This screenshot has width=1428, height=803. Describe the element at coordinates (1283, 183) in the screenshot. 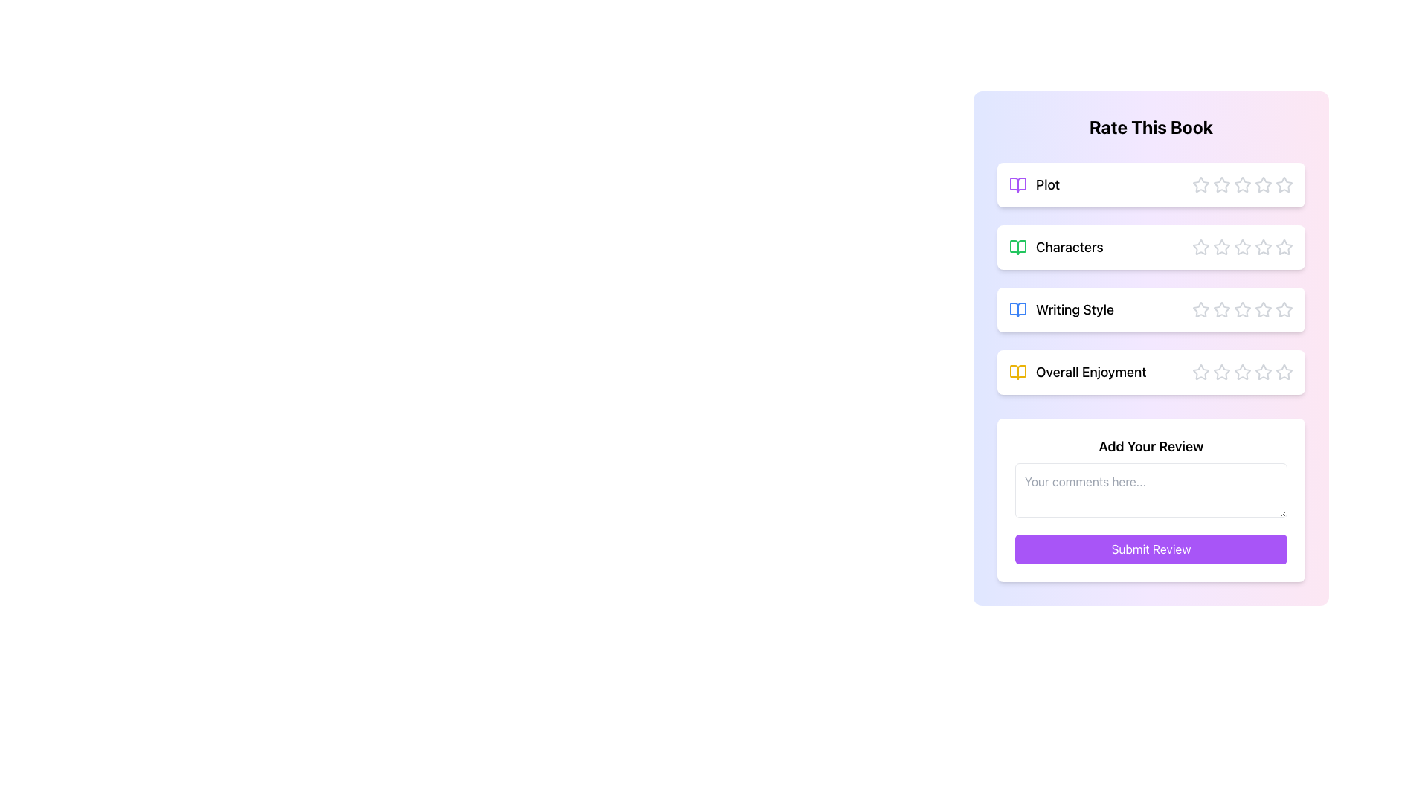

I see `the rightmost star icon in the 'Rate This Book' interface` at that location.